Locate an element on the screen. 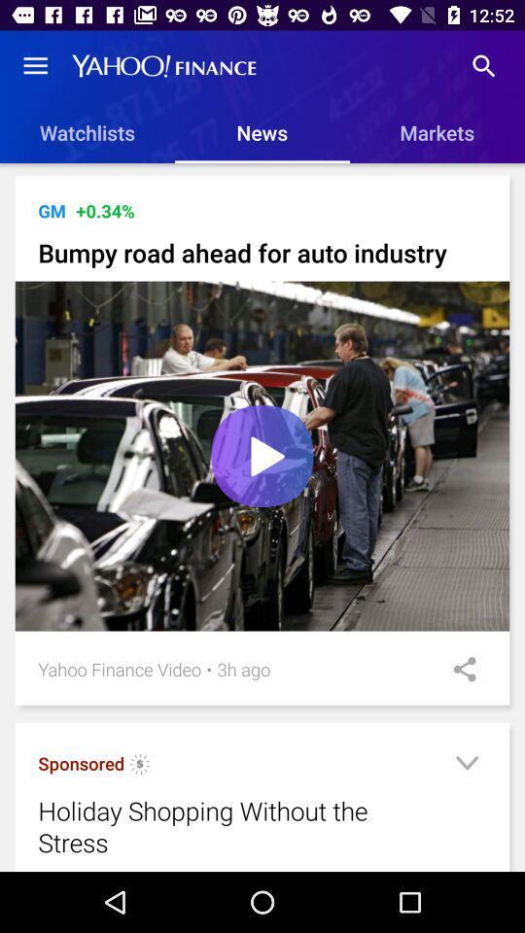 The height and width of the screenshot is (933, 525). click for more information is located at coordinates (139, 767).